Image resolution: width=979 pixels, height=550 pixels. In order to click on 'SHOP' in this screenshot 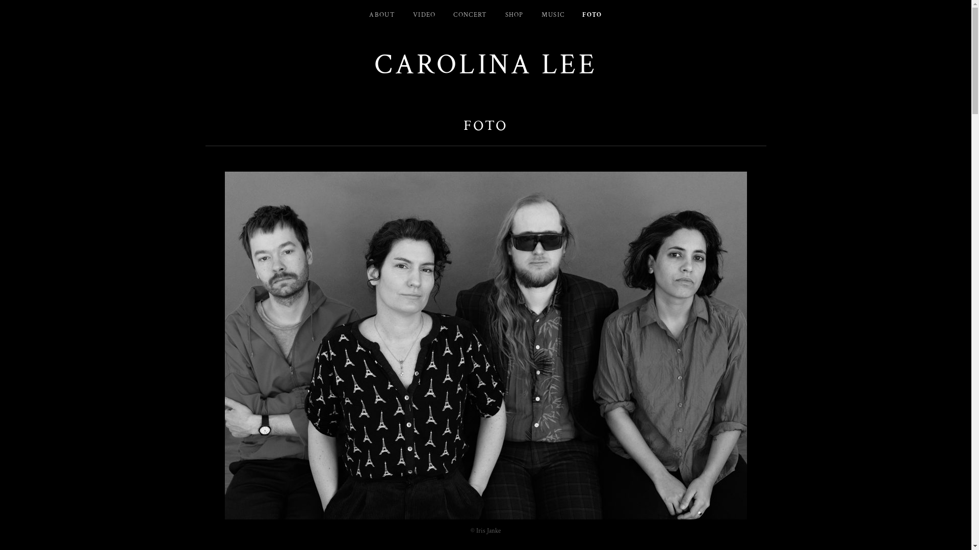, I will do `click(497, 15)`.